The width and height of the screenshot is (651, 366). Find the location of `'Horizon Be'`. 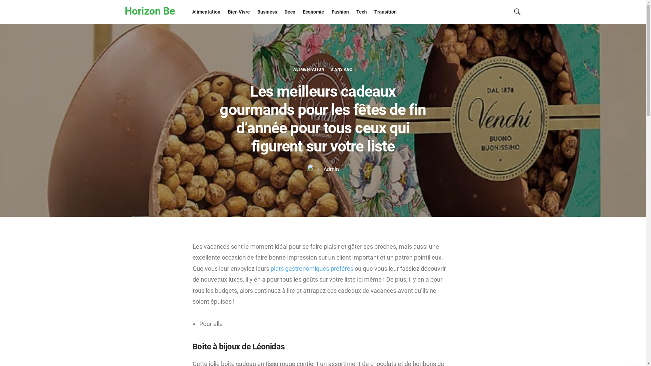

'Horizon Be' is located at coordinates (125, 11).